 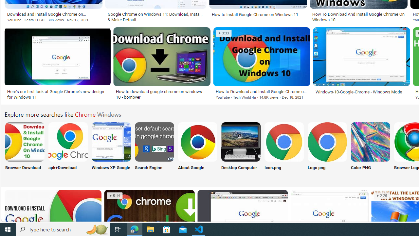 I want to click on 'Chrome Color PNG Color PNG', so click(x=371, y=150).